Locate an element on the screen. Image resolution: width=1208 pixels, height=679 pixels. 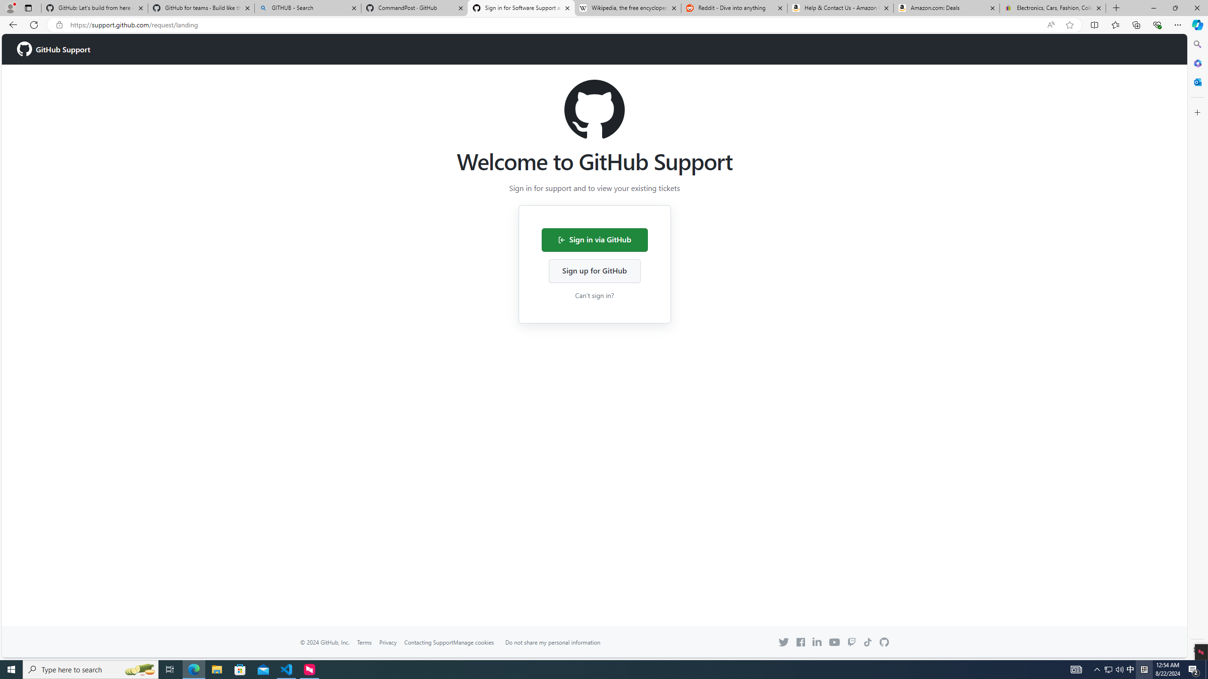
'Wikipedia, the free encyclopedia' is located at coordinates (627, 8).